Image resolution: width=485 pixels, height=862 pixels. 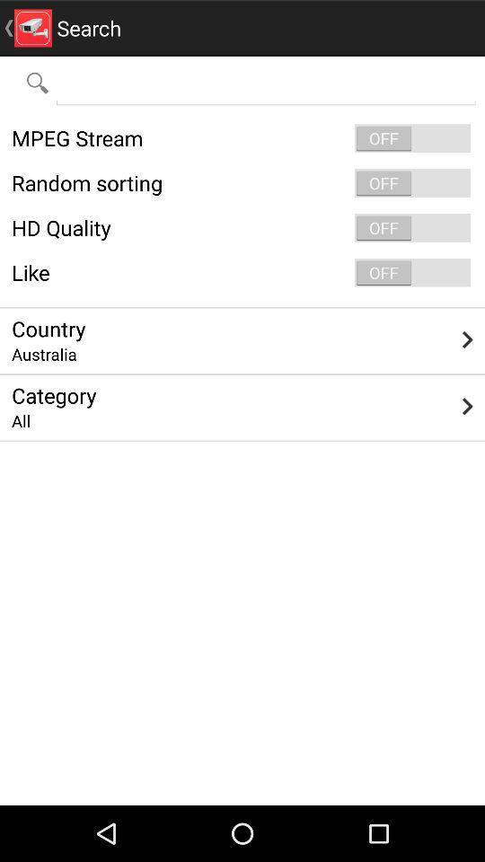 What do you see at coordinates (242, 137) in the screenshot?
I see `the mpeg stream item` at bounding box center [242, 137].